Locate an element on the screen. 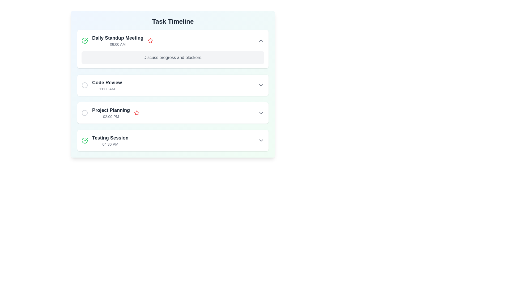 Image resolution: width=510 pixels, height=287 pixels. the third task item in the 'Task Timeline' list, which represents an event in the vertical timeline layout is located at coordinates (173, 112).